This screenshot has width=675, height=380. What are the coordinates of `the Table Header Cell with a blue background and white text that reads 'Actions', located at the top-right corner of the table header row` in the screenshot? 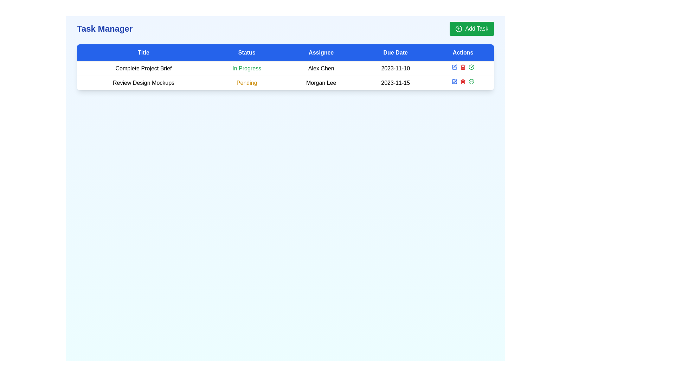 It's located at (463, 52).